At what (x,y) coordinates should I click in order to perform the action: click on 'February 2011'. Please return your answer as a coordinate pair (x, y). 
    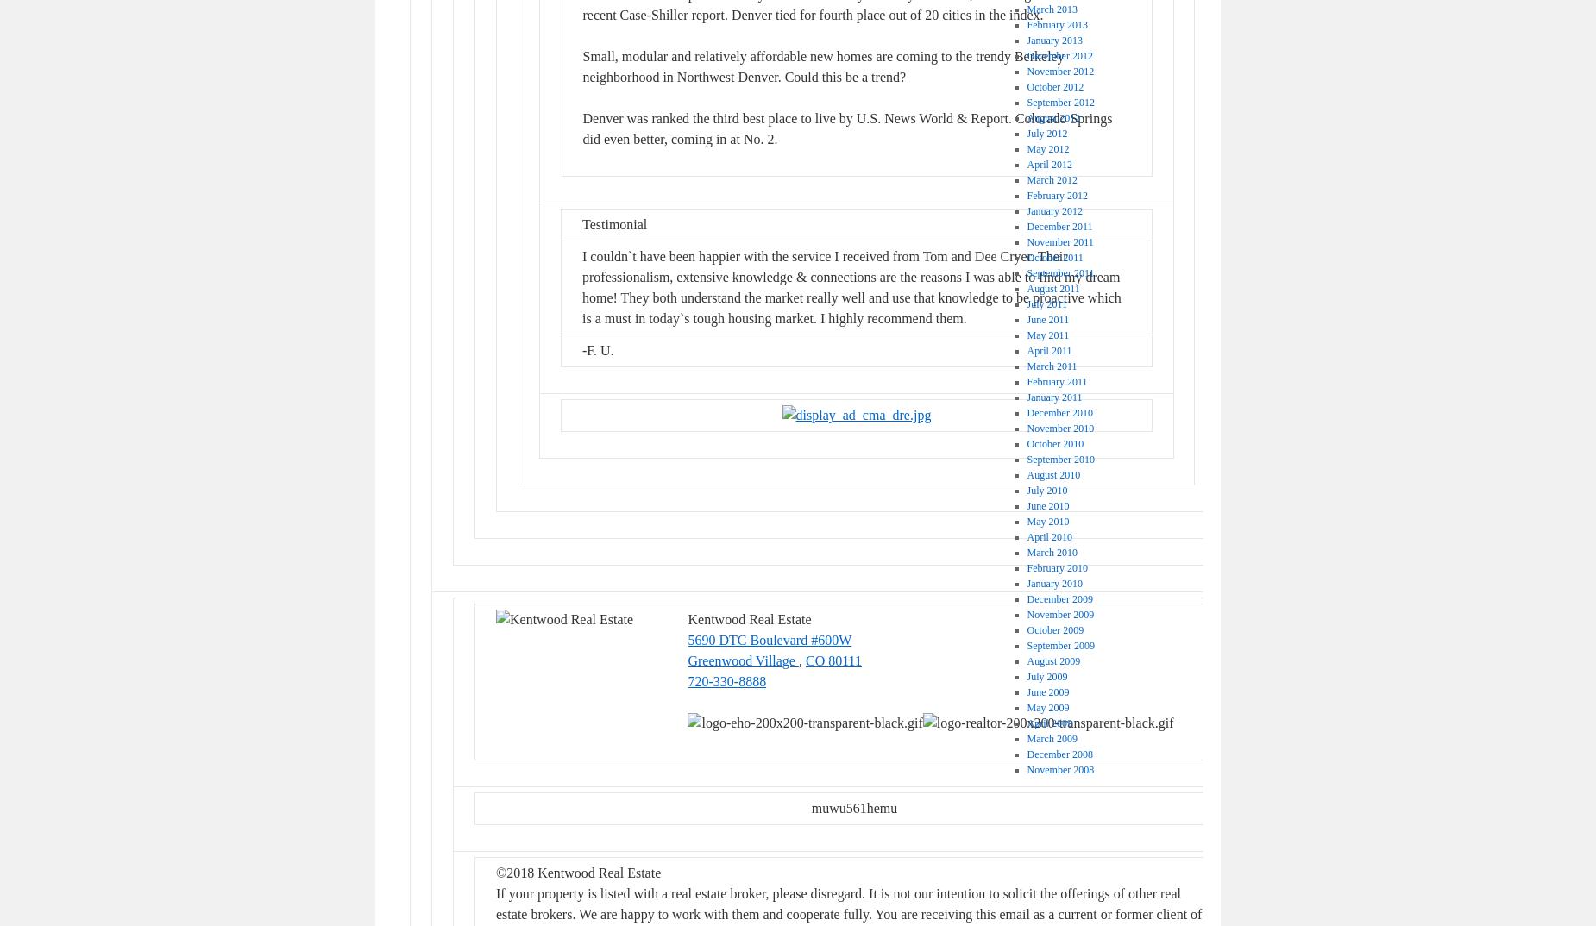
    Looking at the image, I should click on (1056, 381).